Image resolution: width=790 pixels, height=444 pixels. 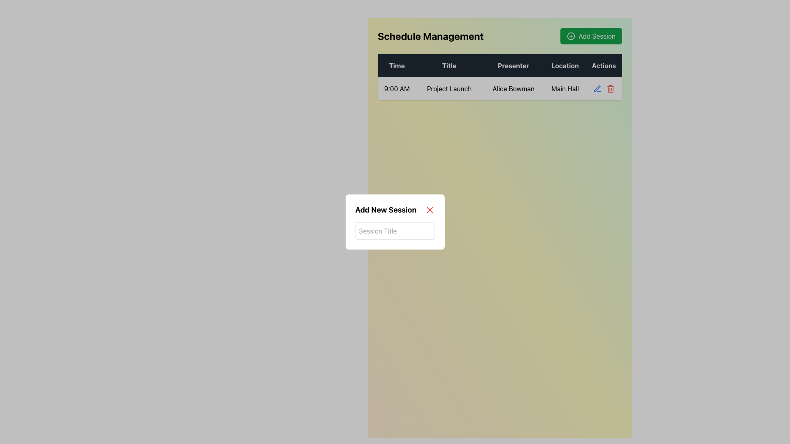 I want to click on the topmost row in the event table of the 'Schedule Management' section, which displays details of a scheduled event, so click(x=499, y=77).